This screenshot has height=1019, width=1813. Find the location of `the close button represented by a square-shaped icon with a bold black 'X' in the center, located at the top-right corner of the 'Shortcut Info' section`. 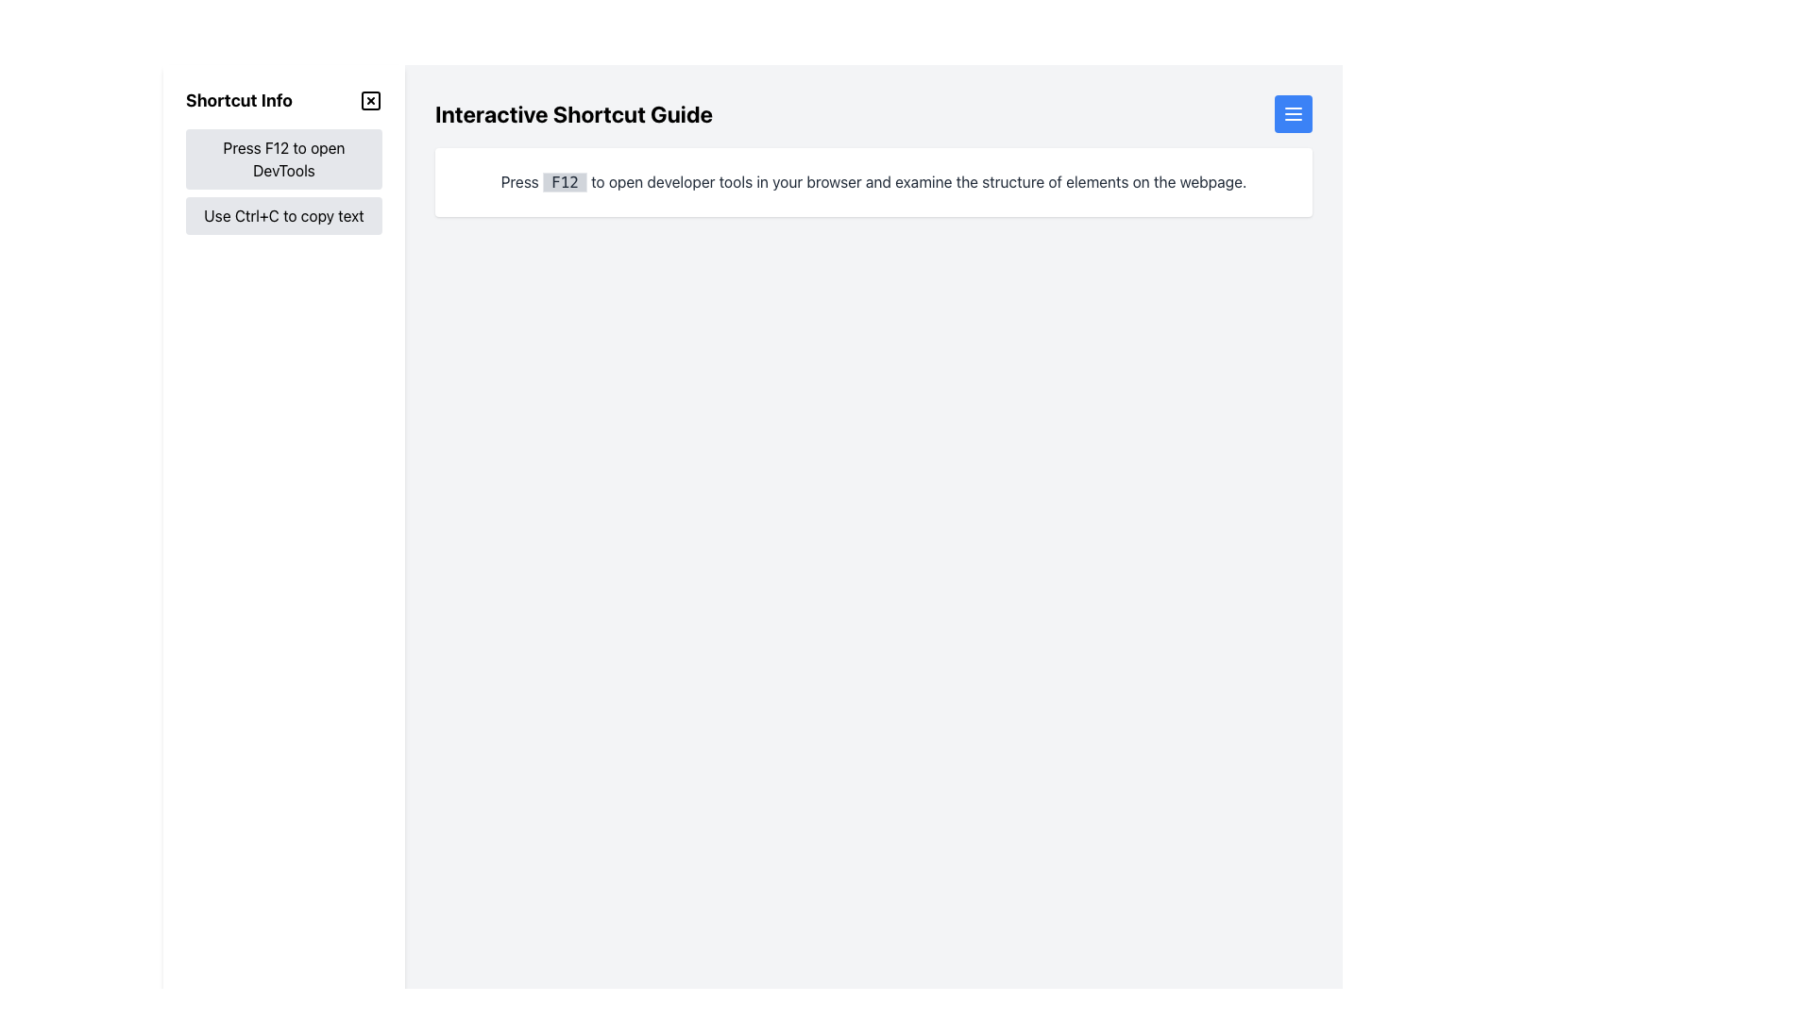

the close button represented by a square-shaped icon with a bold black 'X' in the center, located at the top-right corner of the 'Shortcut Info' section is located at coordinates (371, 101).